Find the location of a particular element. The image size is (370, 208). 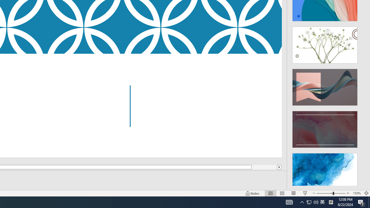

'Notes ' is located at coordinates (253, 193).